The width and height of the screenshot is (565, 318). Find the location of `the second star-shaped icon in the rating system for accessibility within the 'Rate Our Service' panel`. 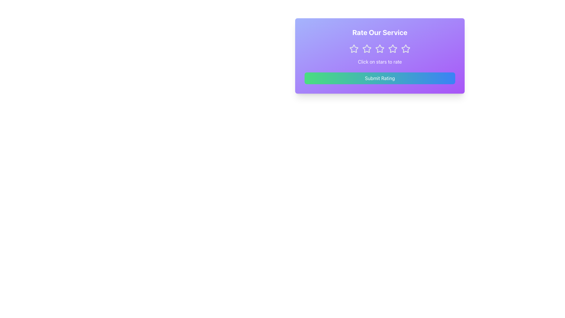

the second star-shaped icon in the rating system for accessibility within the 'Rate Our Service' panel is located at coordinates (367, 48).